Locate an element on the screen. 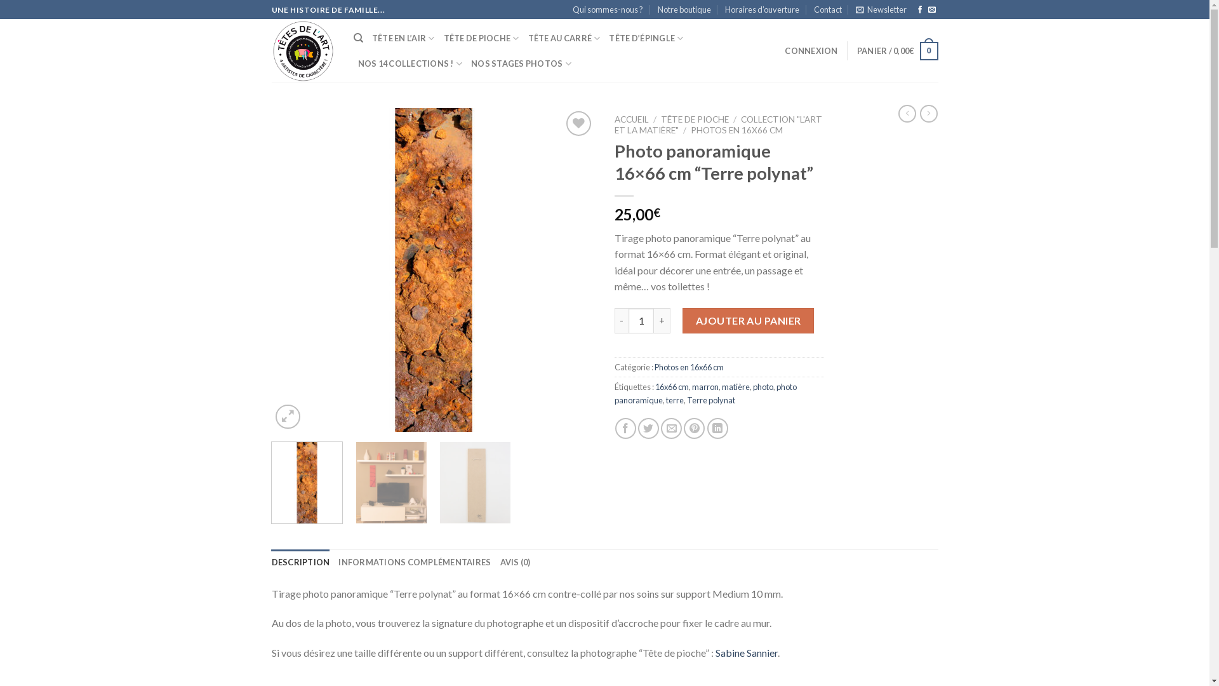 Image resolution: width=1219 pixels, height=686 pixels. 'Qui sommes-nous ?' is located at coordinates (607, 10).